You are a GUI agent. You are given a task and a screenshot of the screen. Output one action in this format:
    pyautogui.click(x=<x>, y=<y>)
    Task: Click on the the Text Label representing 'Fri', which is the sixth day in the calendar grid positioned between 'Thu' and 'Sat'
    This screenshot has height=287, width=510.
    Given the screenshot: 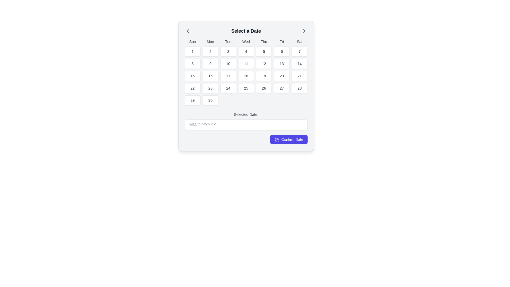 What is the action you would take?
    pyautogui.click(x=281, y=41)
    